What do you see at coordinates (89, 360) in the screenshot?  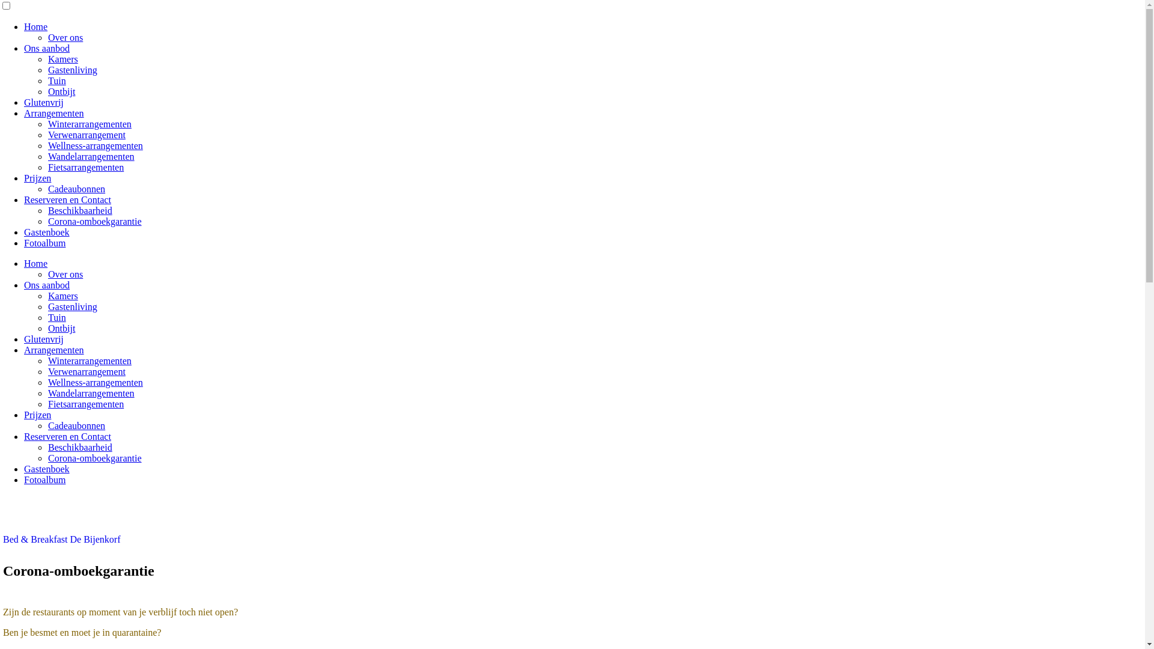 I see `'Winterarrangementen'` at bounding box center [89, 360].